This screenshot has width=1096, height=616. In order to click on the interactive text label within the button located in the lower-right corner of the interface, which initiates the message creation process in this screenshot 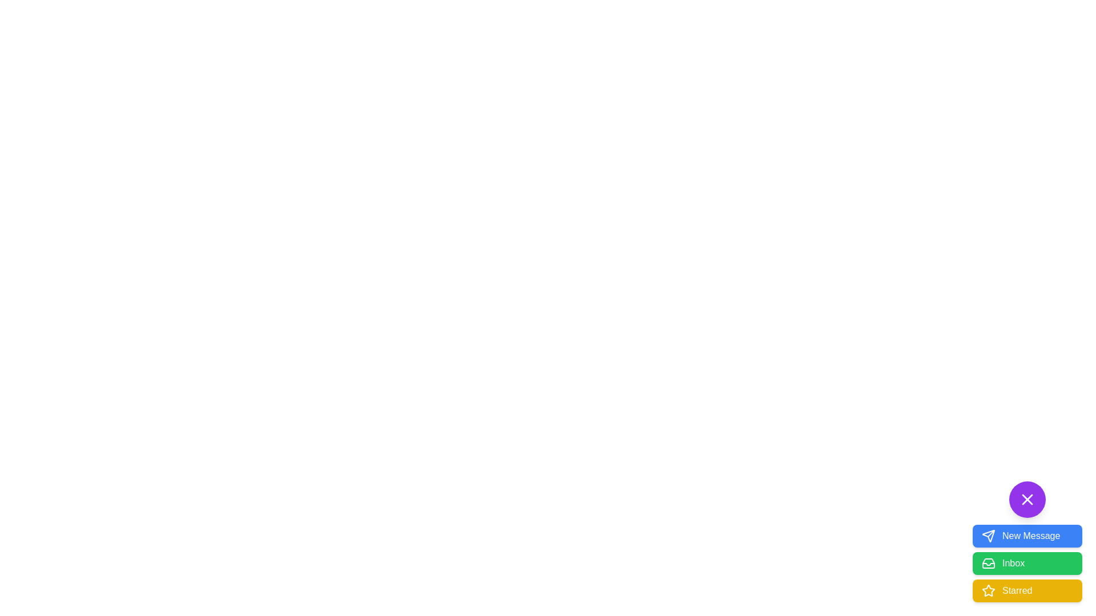, I will do `click(1031, 536)`.